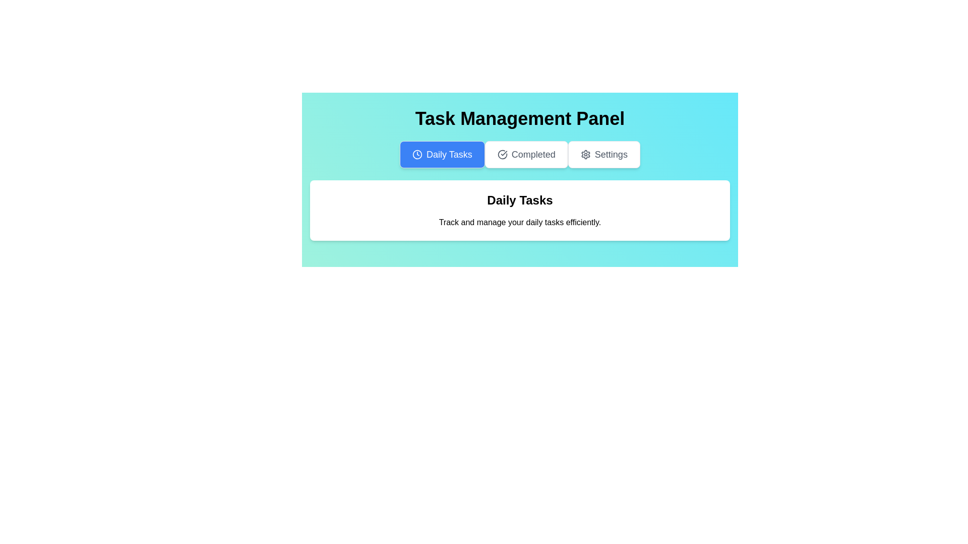 The height and width of the screenshot is (544, 968). I want to click on the decorative icon representing the 'Daily Tasks' feature located in the header section, positioned to the left of the 'Daily Tasks' text label, so click(417, 155).